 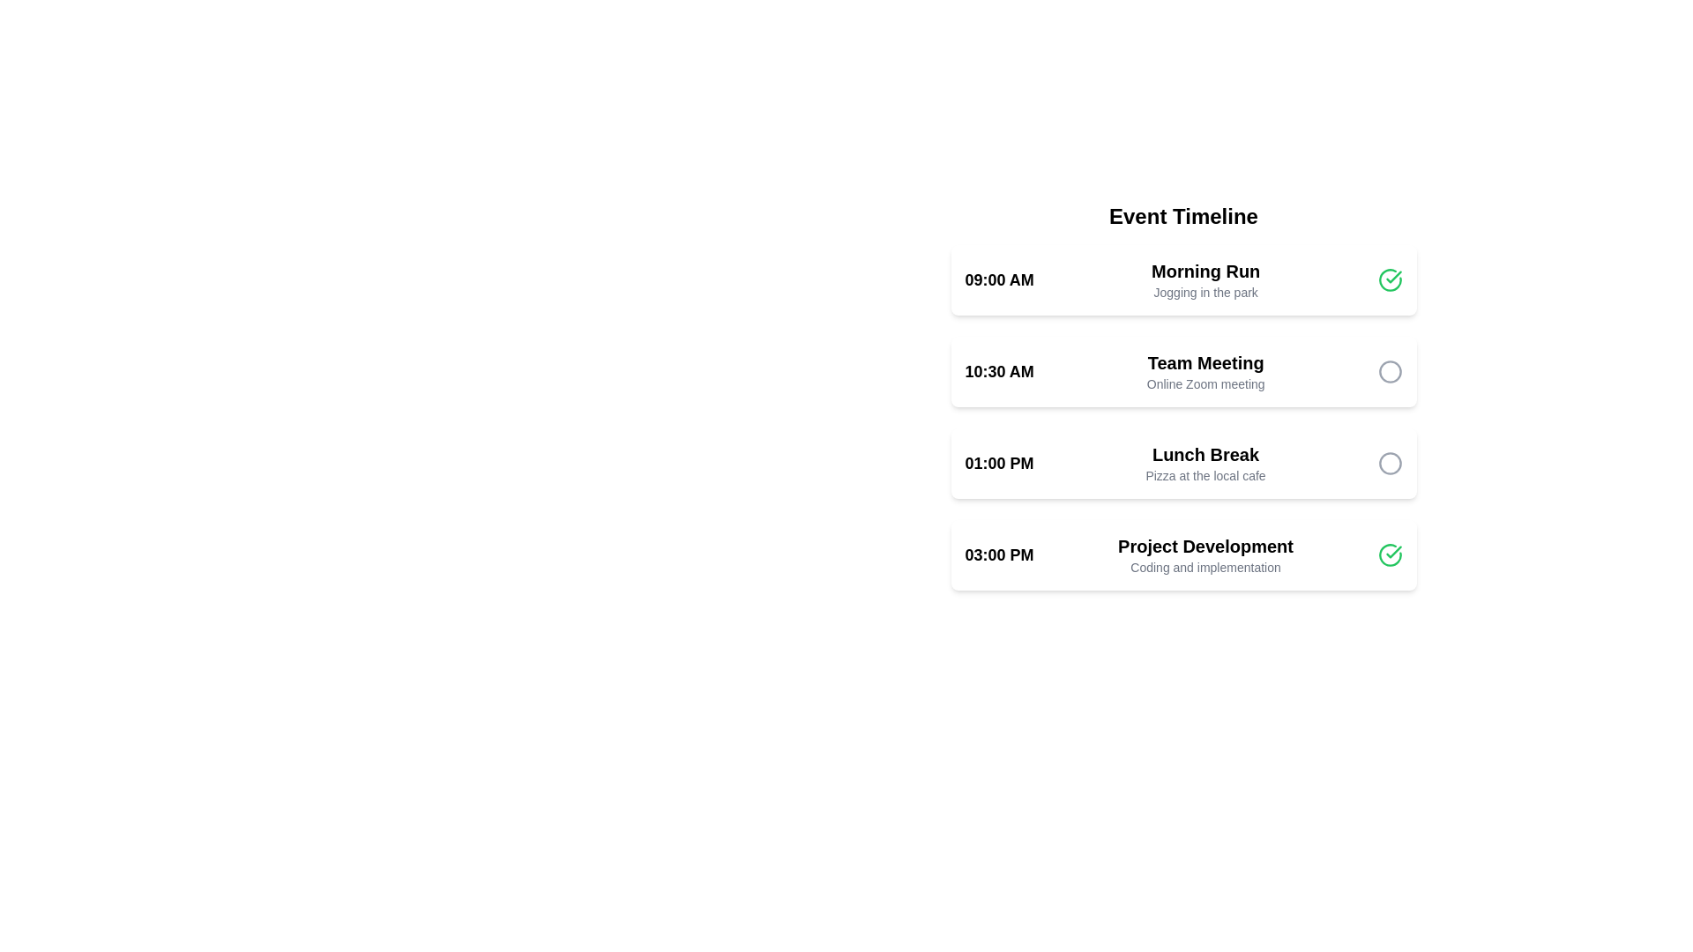 I want to click on the last entry in the 'Event Timeline' list that displays scheduled event details, including time, title, and description, so click(x=1183, y=554).